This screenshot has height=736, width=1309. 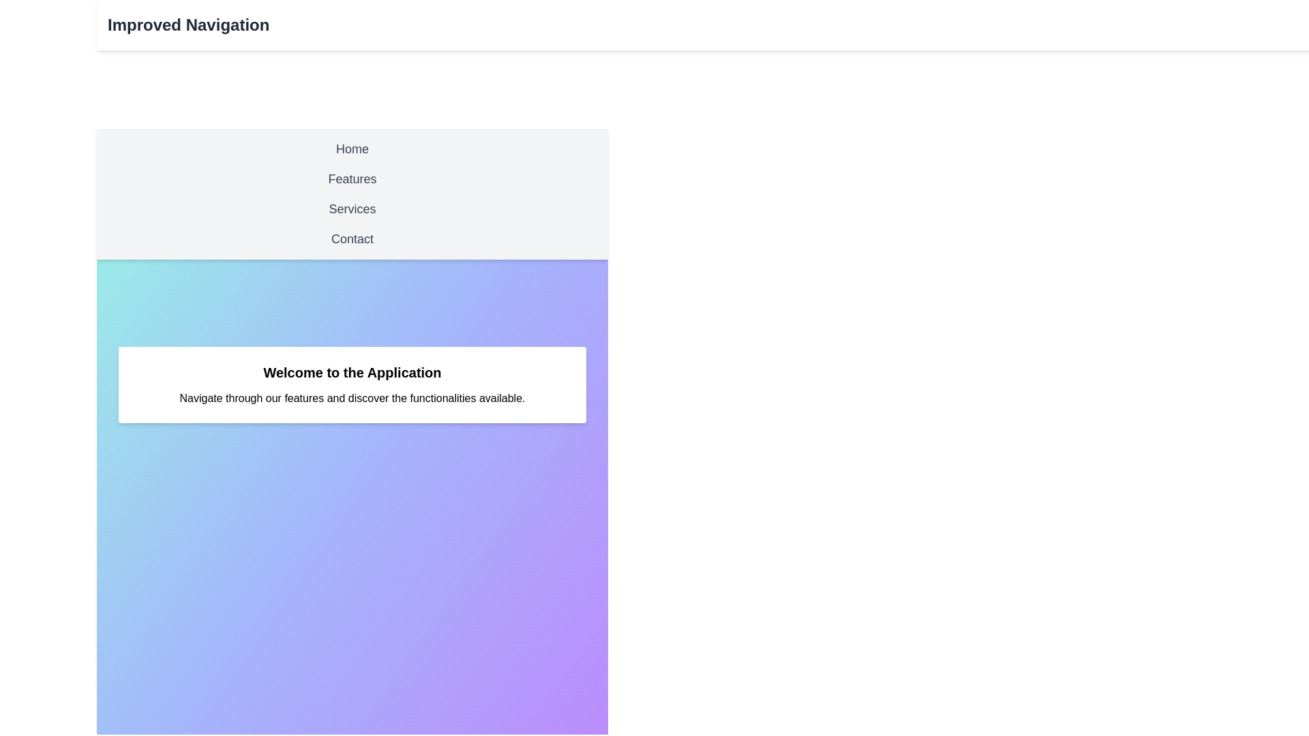 I want to click on the navigation menu item Contact, so click(x=352, y=239).